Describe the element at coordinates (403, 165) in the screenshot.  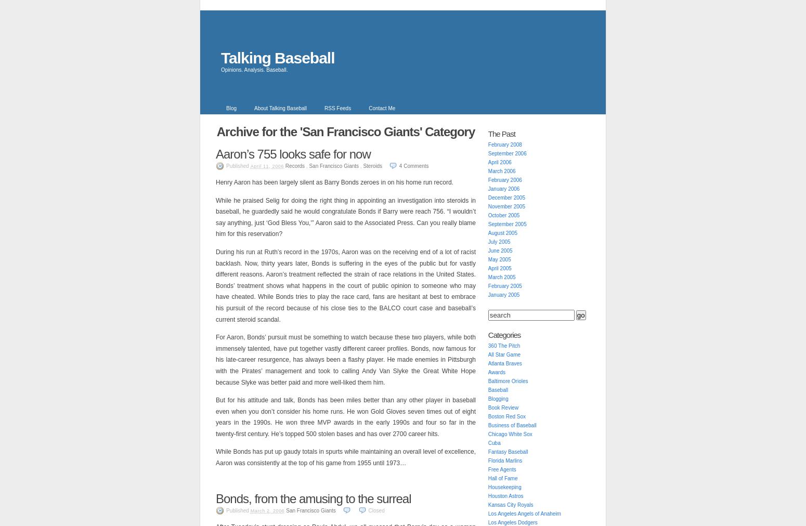
I see `'Comments'` at that location.